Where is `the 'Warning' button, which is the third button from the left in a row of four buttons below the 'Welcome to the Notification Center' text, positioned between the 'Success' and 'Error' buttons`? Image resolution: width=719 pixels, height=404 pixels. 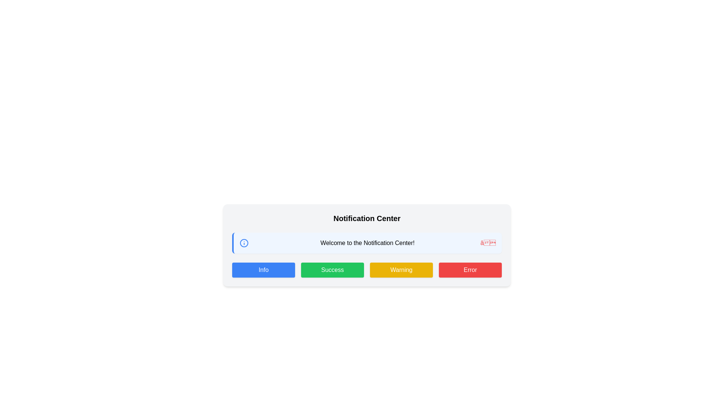 the 'Warning' button, which is the third button from the left in a row of four buttons below the 'Welcome to the Notification Center' text, positioned between the 'Success' and 'Error' buttons is located at coordinates (401, 270).